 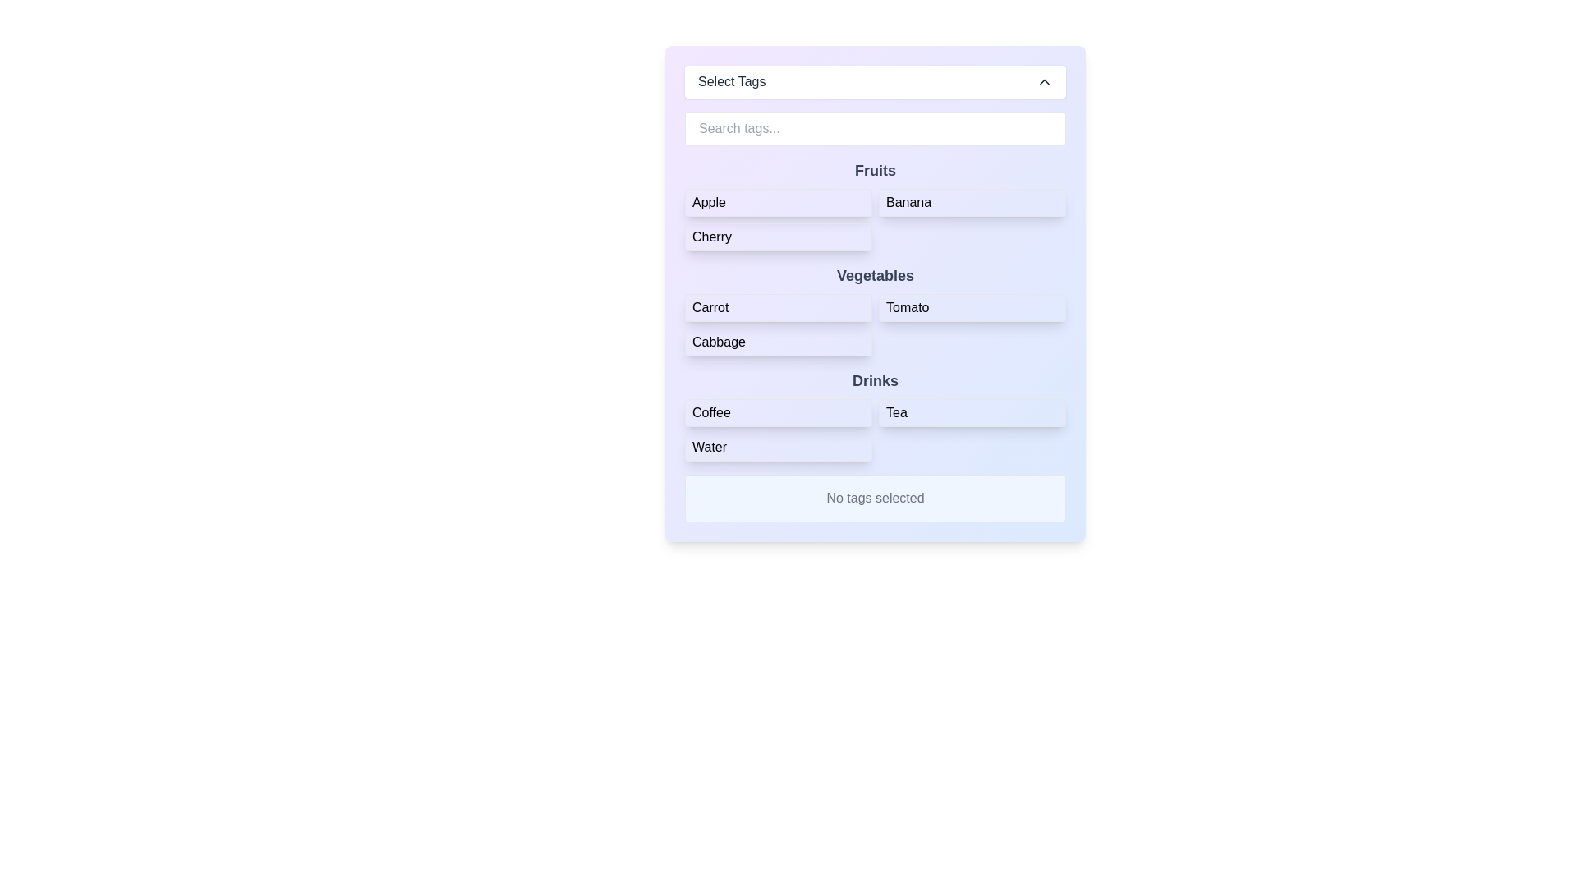 What do you see at coordinates (972, 411) in the screenshot?
I see `the button labeled 'Tea', which is the second option under the 'Drinks' category` at bounding box center [972, 411].